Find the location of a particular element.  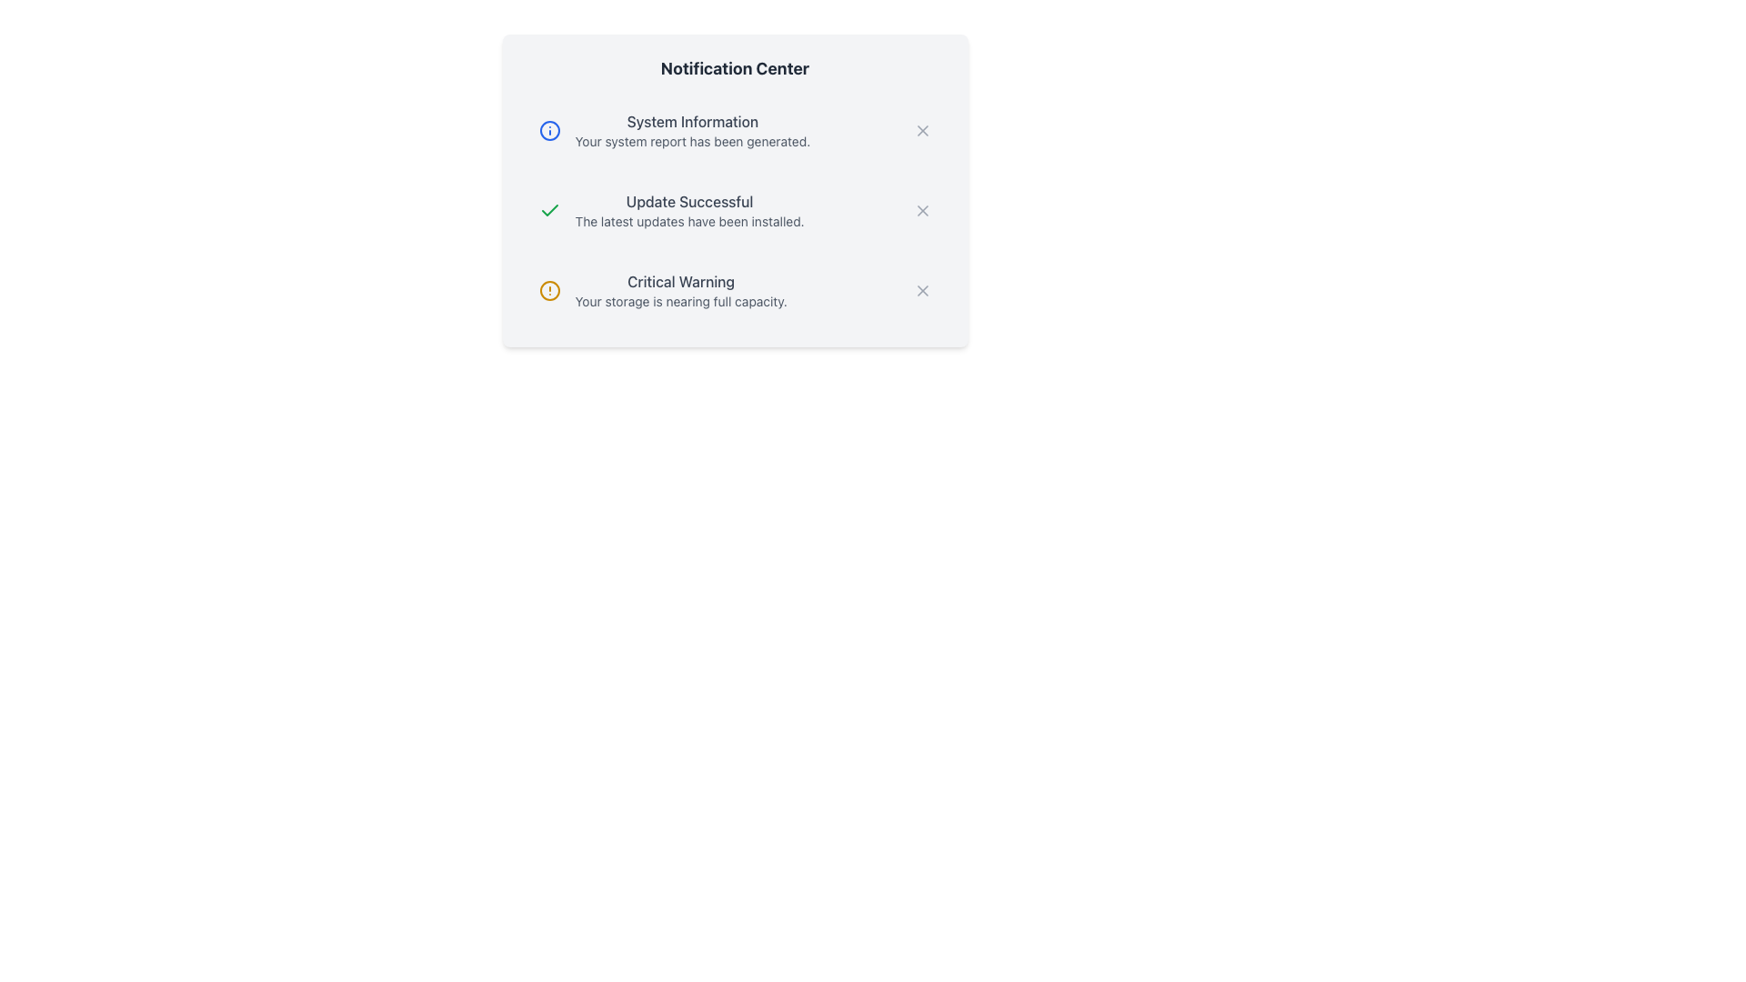

the warning icon located in the third row of the notification list under the 'Critical Warning' category, to the left of the message text is located at coordinates (548, 290).